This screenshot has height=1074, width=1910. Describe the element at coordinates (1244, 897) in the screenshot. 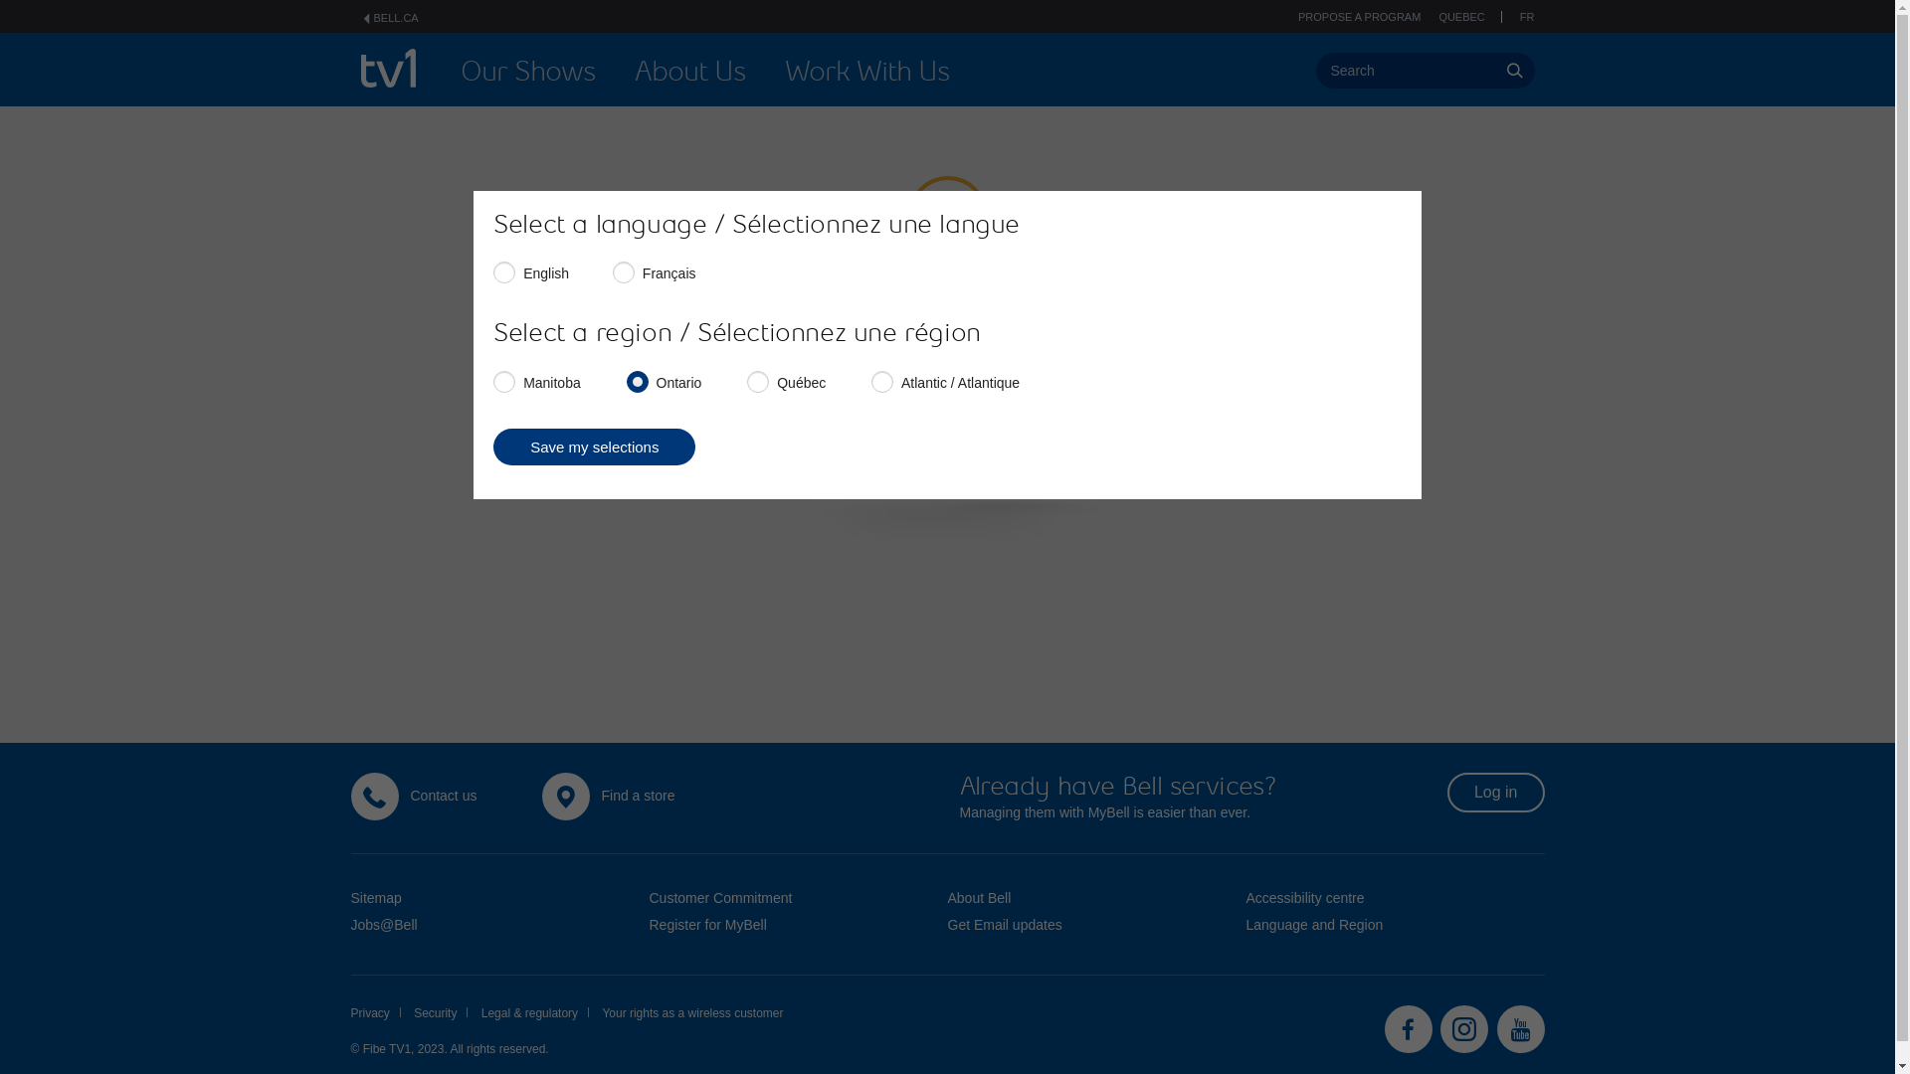

I see `'Accessibility centre'` at that location.